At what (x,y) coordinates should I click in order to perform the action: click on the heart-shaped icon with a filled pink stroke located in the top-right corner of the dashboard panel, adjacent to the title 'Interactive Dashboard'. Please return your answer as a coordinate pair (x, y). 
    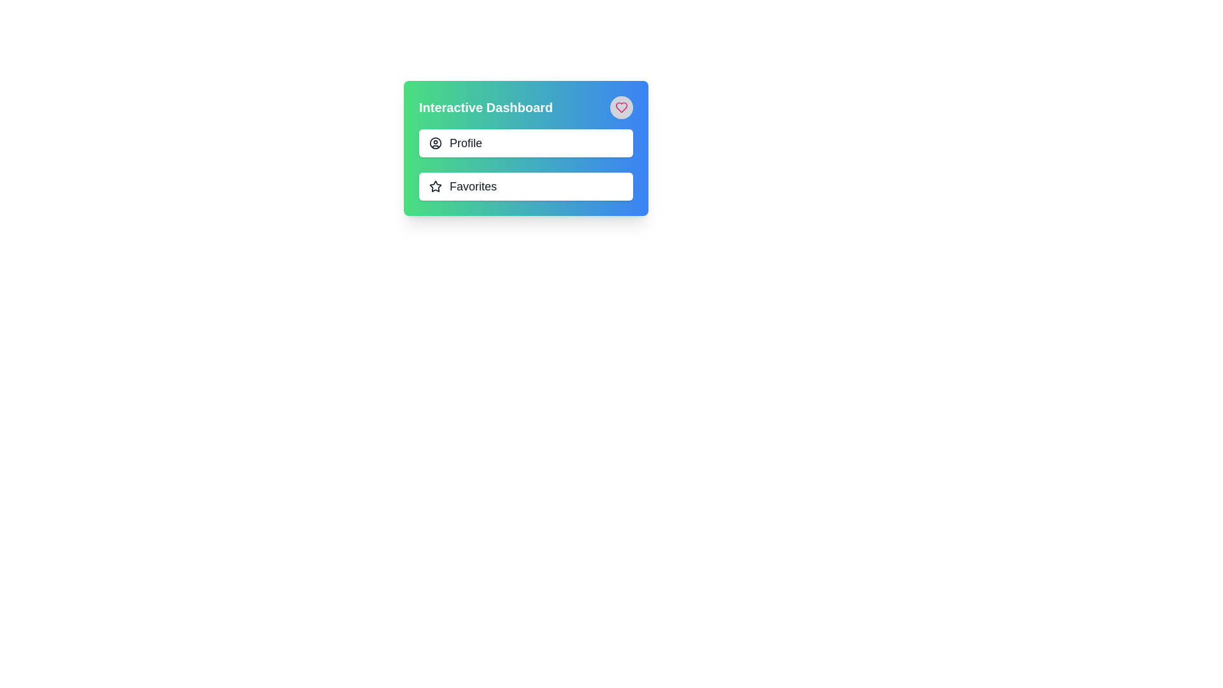
    Looking at the image, I should click on (621, 107).